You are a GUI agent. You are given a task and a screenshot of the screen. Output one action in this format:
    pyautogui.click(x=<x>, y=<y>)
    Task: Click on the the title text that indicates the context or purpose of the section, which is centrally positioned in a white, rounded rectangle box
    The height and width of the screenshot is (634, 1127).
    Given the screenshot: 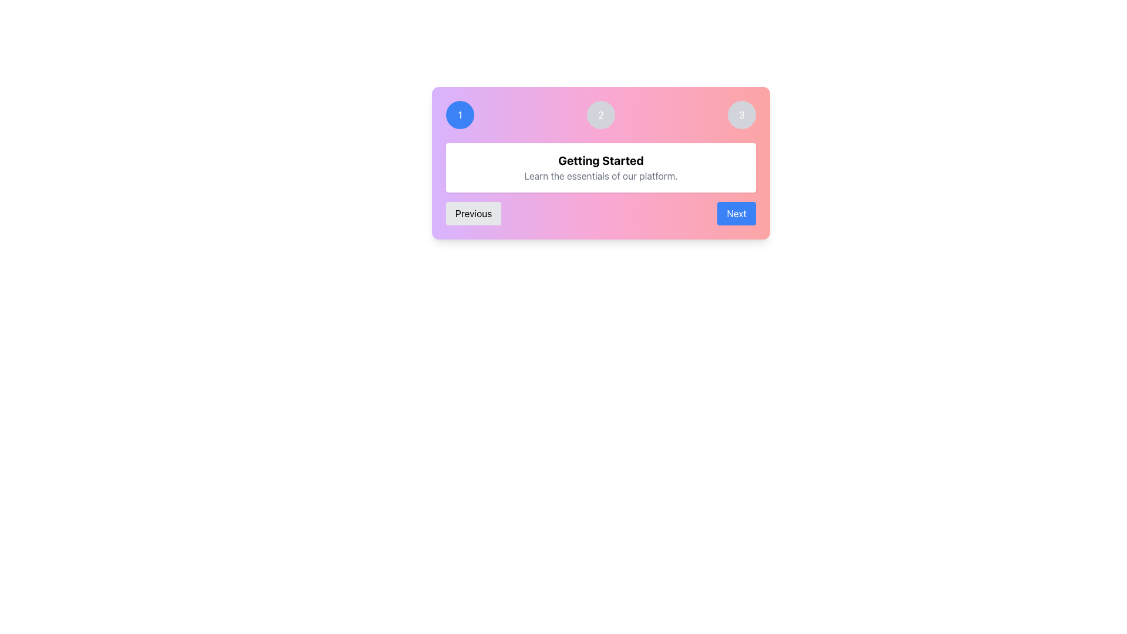 What is the action you would take?
    pyautogui.click(x=600, y=160)
    